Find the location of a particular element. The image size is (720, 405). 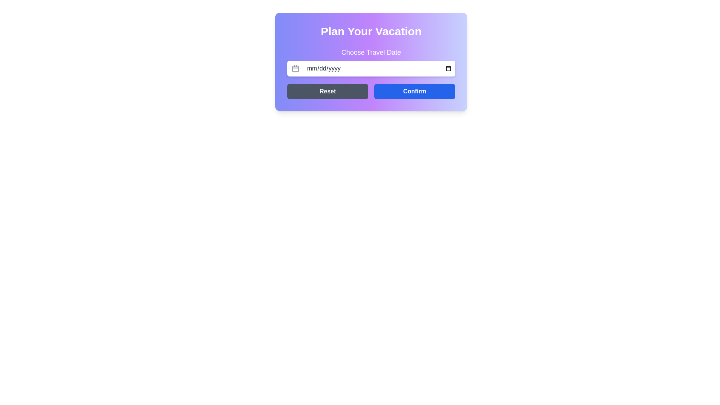

the date selection icon located at the left-most end of the horizontal bar containing the date picker, immediately before the date input field is located at coordinates (295, 68).